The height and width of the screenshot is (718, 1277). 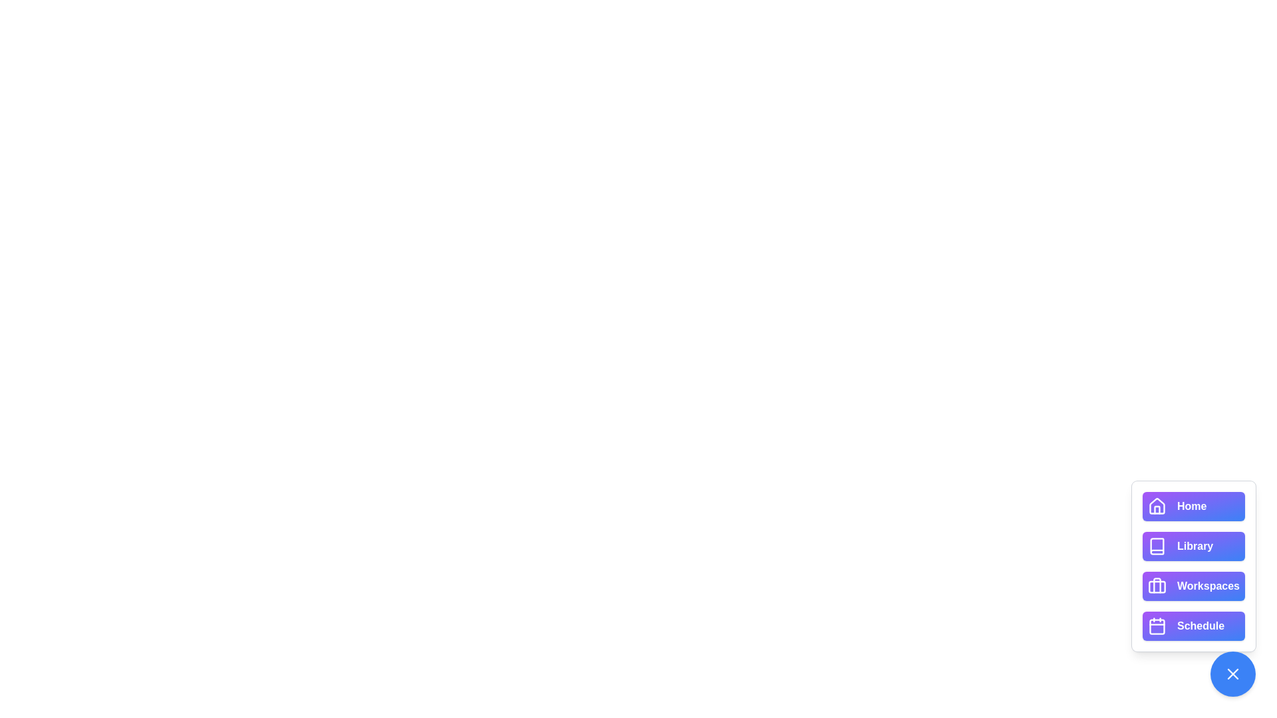 What do you see at coordinates (1194, 546) in the screenshot?
I see `the button labeled Library to view its hover effect` at bounding box center [1194, 546].